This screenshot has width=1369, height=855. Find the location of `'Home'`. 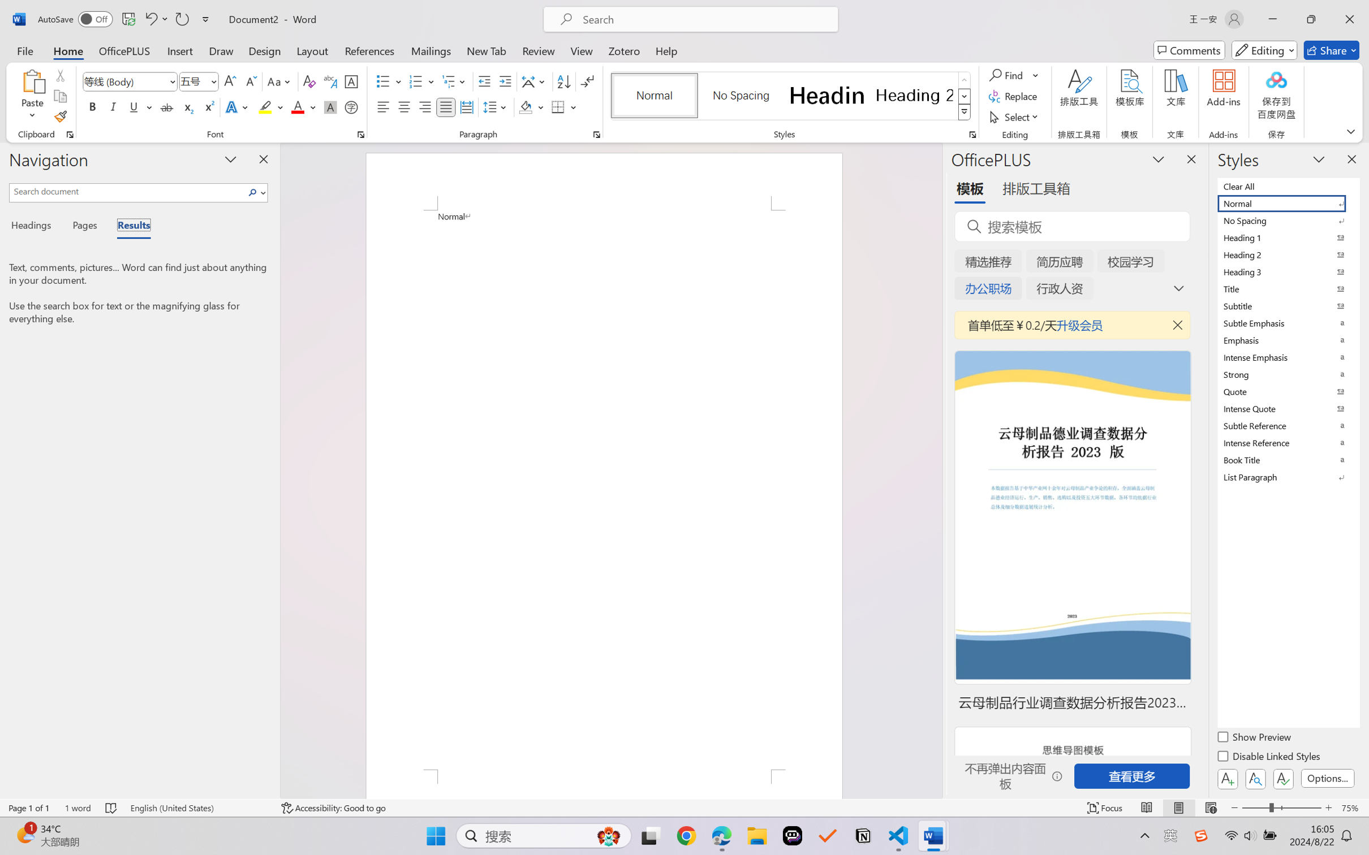

'Home' is located at coordinates (68, 50).